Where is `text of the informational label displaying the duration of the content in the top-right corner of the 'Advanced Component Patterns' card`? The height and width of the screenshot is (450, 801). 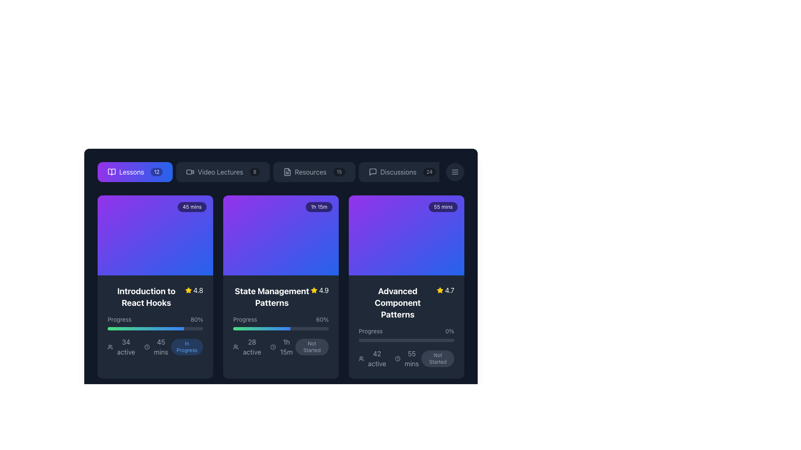 text of the informational label displaying the duration of the content in the top-right corner of the 'Advanced Component Patterns' card is located at coordinates (443, 207).